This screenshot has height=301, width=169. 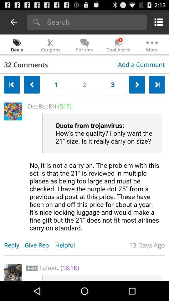 What do you see at coordinates (137, 84) in the screenshot?
I see `next page` at bounding box center [137, 84].